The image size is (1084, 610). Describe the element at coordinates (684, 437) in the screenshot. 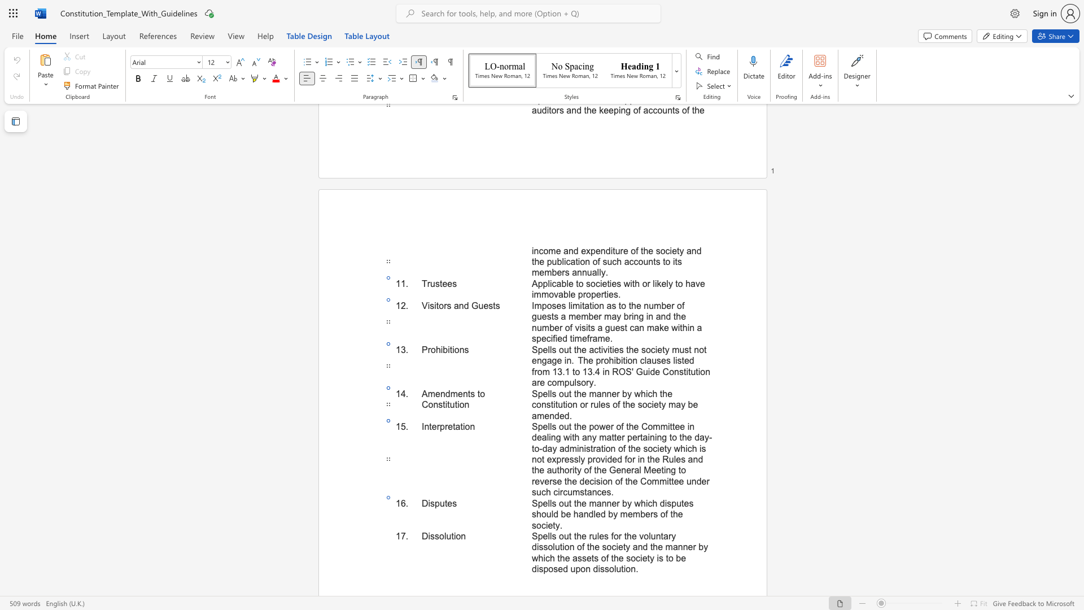

I see `the 4th character "h" in the text` at that location.